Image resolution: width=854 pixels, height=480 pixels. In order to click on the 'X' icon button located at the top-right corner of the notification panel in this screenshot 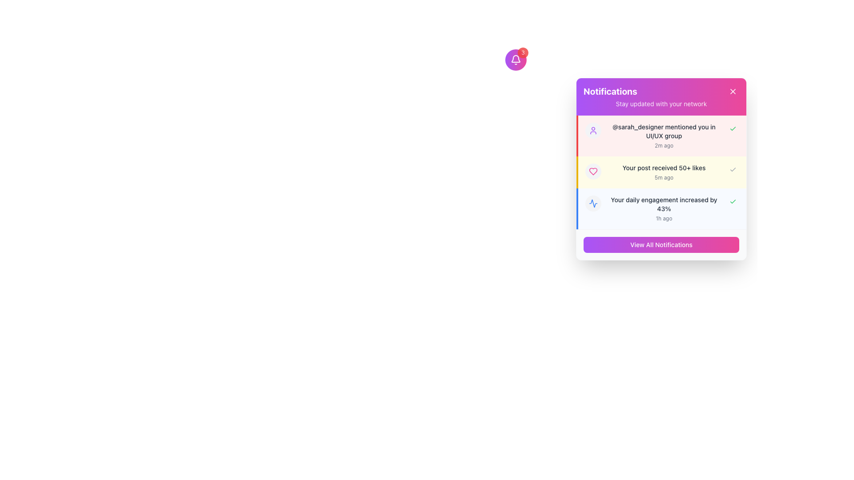, I will do `click(733, 91)`.